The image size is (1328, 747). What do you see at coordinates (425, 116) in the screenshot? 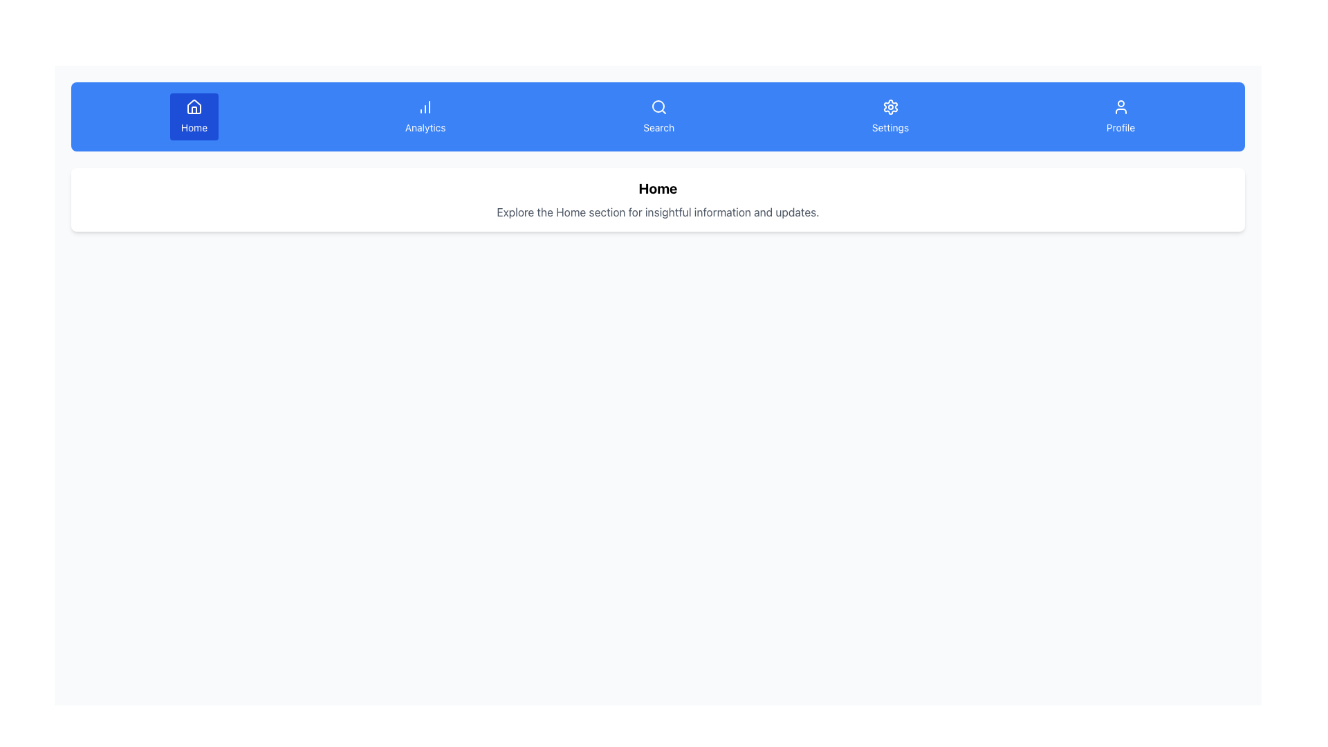
I see `the Analytics button in the horizontal navigation bar` at bounding box center [425, 116].